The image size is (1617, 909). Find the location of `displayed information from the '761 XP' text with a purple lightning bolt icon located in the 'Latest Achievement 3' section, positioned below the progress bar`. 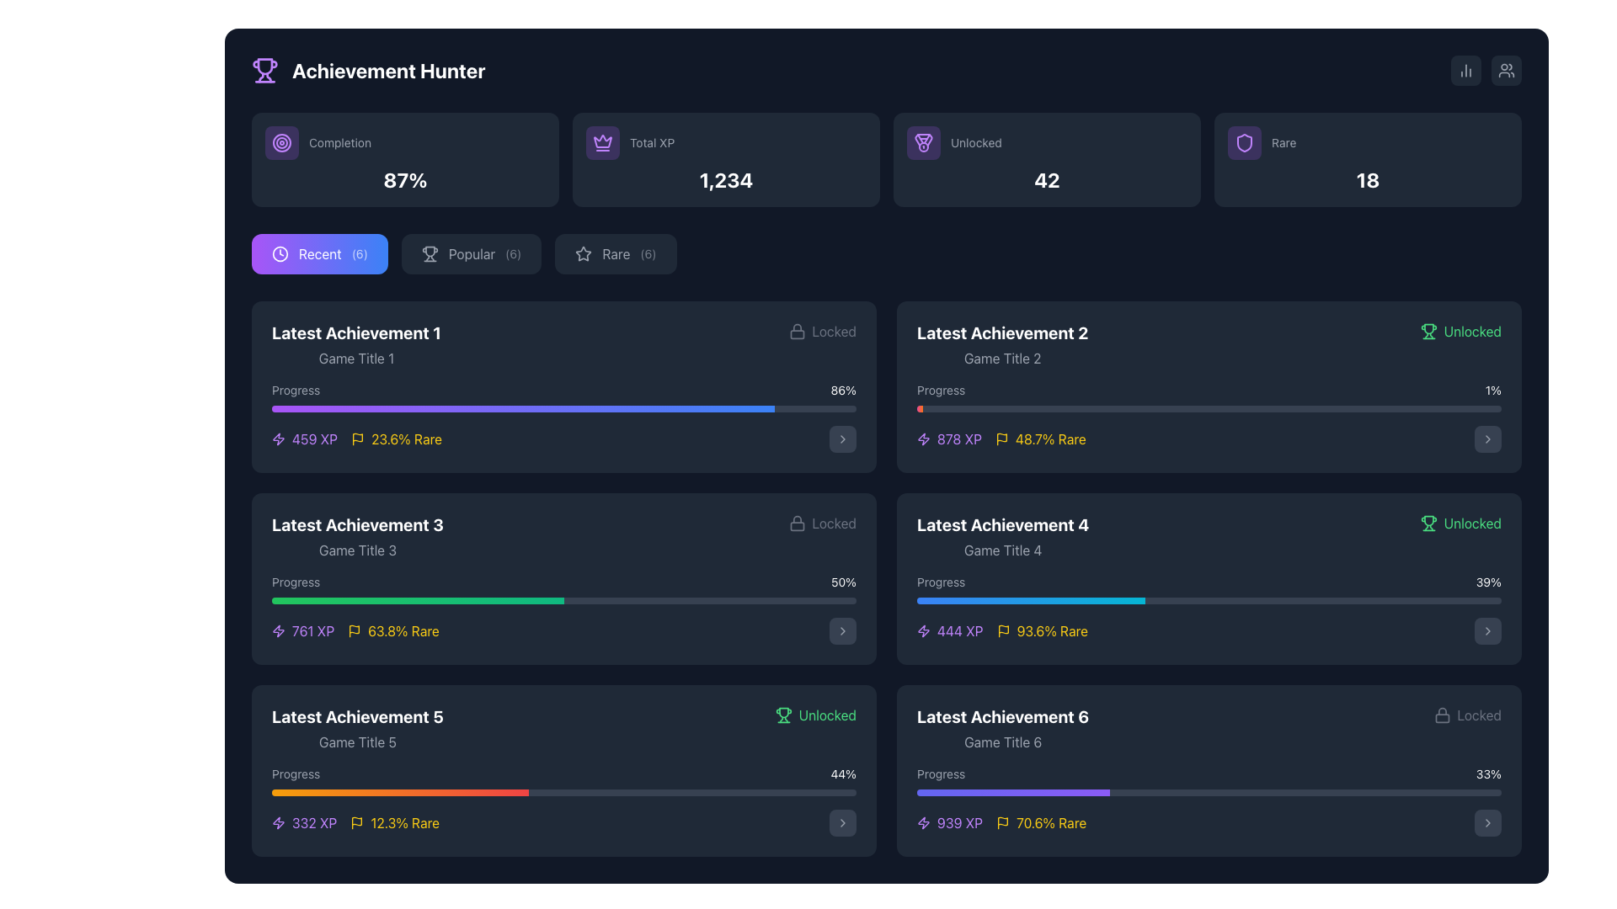

displayed information from the '761 XP' text with a purple lightning bolt icon located in the 'Latest Achievement 3' section, positioned below the progress bar is located at coordinates (303, 630).